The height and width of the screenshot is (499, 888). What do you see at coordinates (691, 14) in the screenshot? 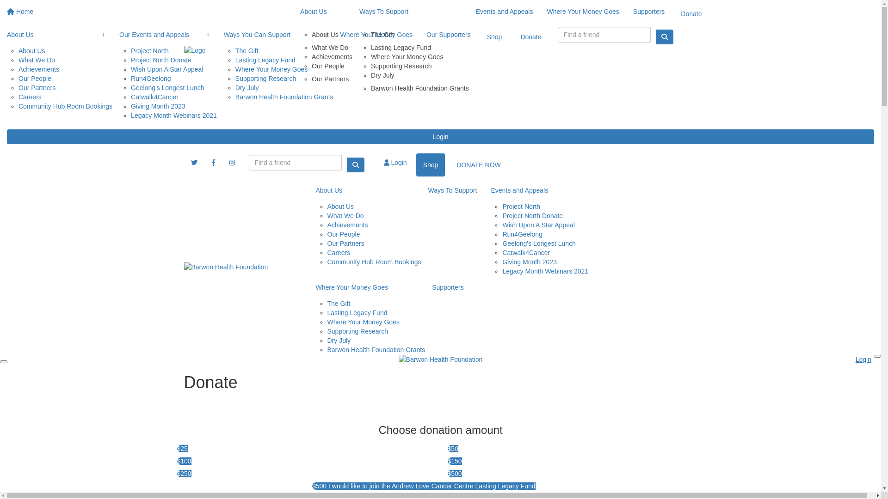
I see `'Donate'` at bounding box center [691, 14].